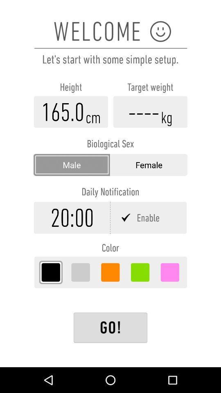 The width and height of the screenshot is (221, 393). Describe the element at coordinates (149, 217) in the screenshot. I see `enable notification` at that location.